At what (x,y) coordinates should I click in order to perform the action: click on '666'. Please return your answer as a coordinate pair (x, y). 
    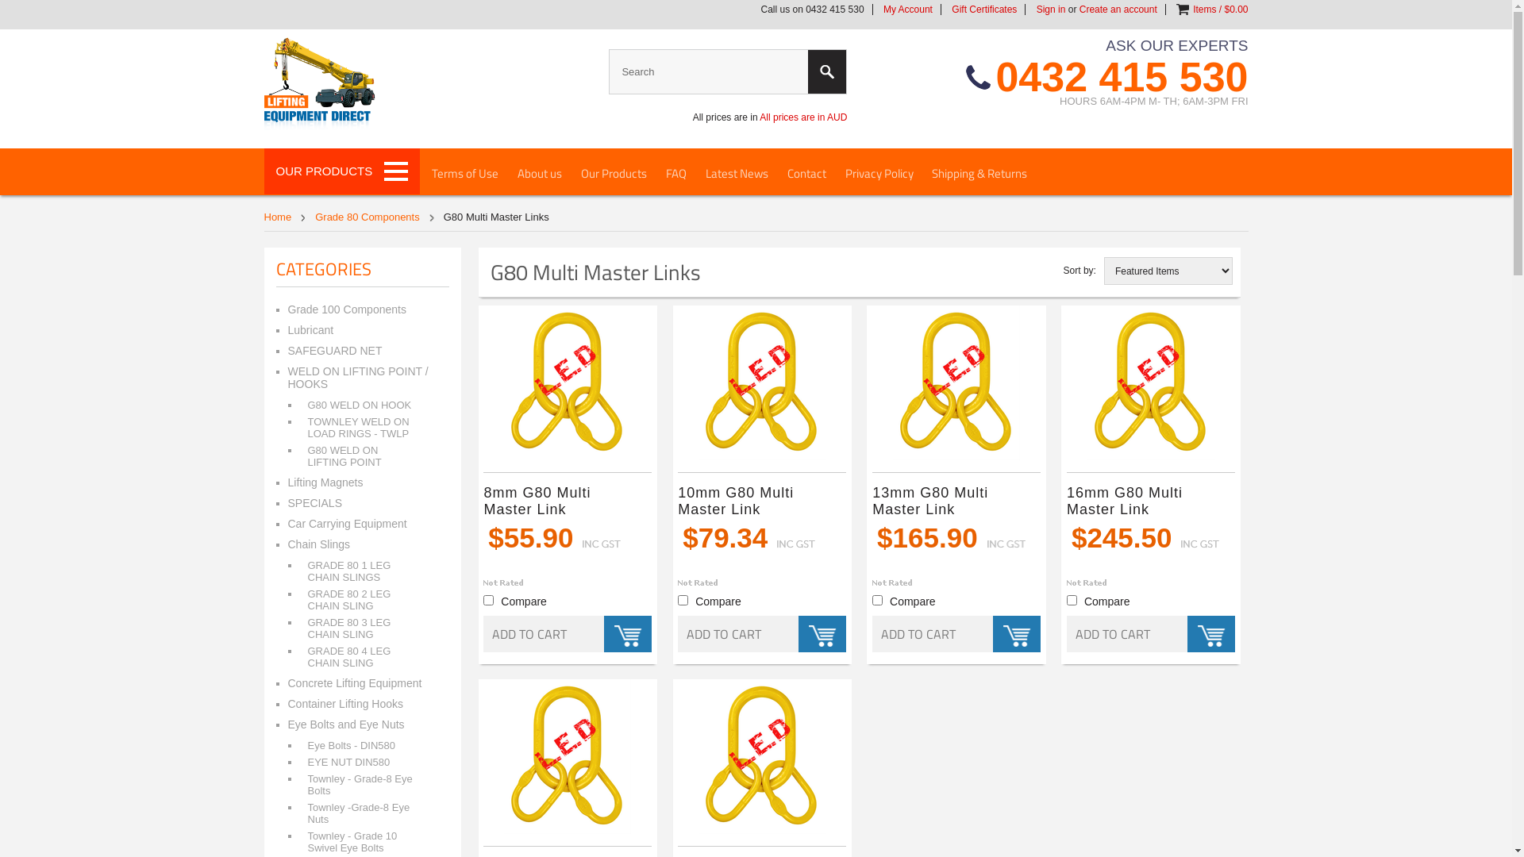
    Looking at the image, I should click on (1072, 600).